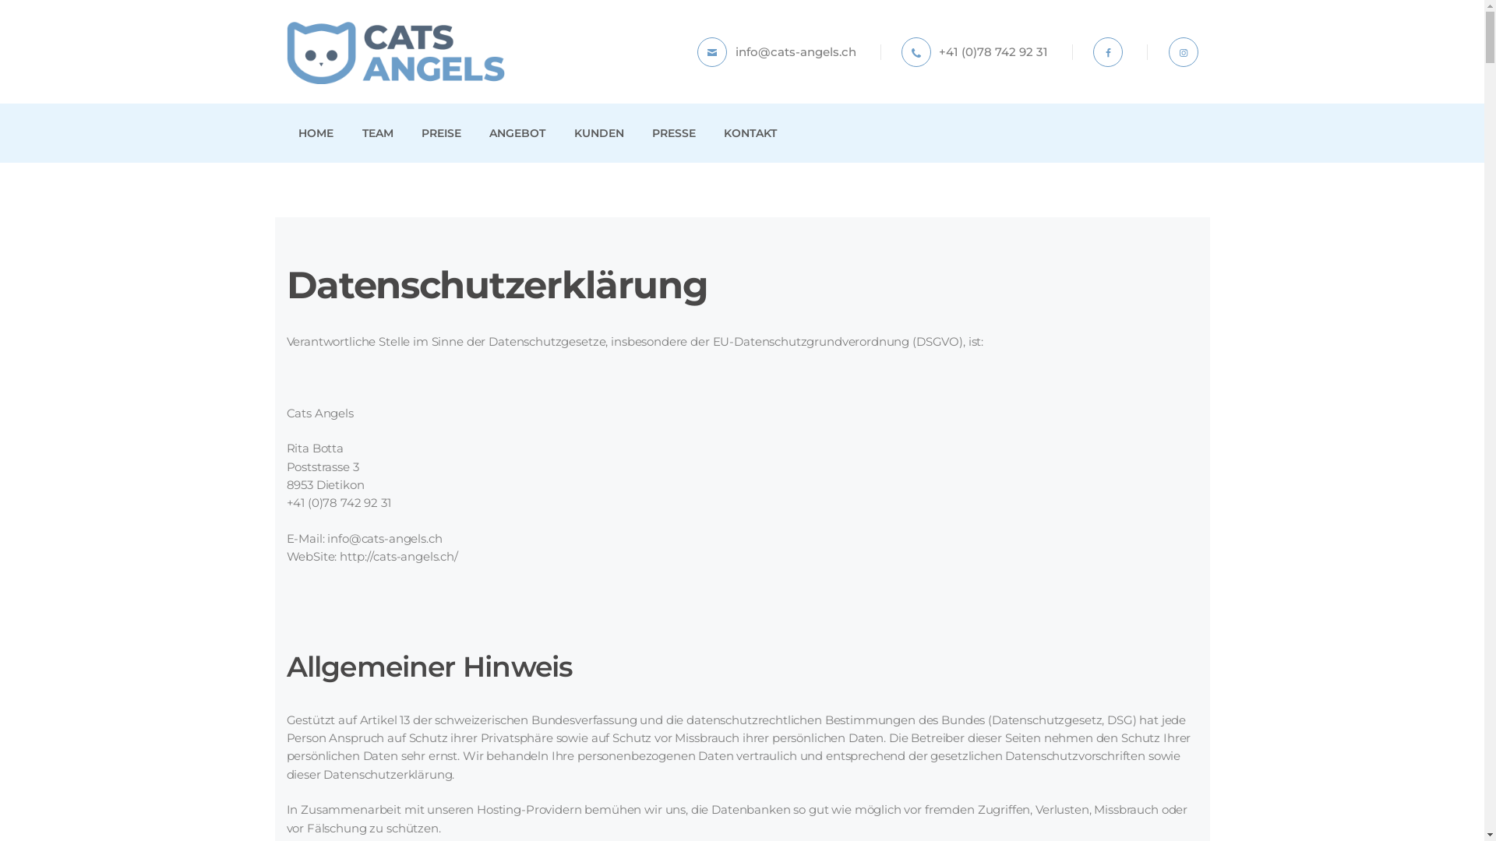  Describe the element at coordinates (711, 132) in the screenshot. I see `'KONTAKT'` at that location.